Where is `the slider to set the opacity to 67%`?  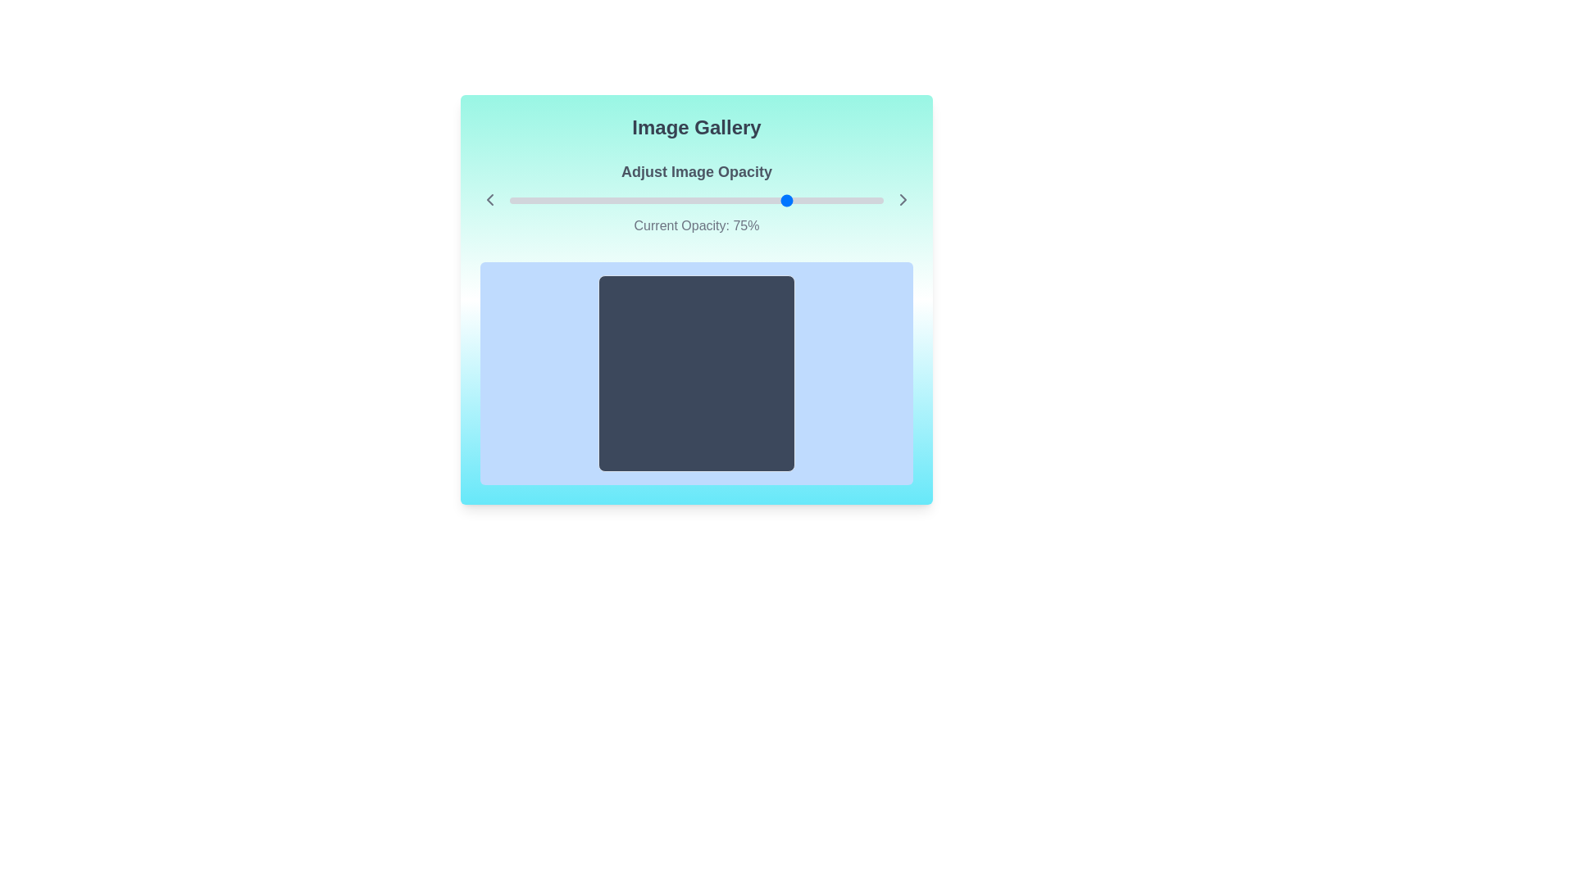 the slider to set the opacity to 67% is located at coordinates (759, 200).